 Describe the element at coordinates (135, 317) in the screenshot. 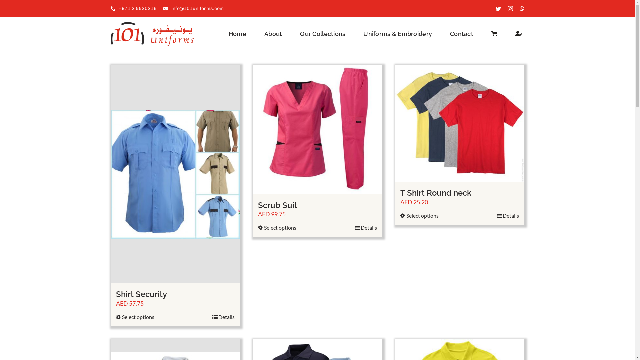

I see `'Select options'` at that location.